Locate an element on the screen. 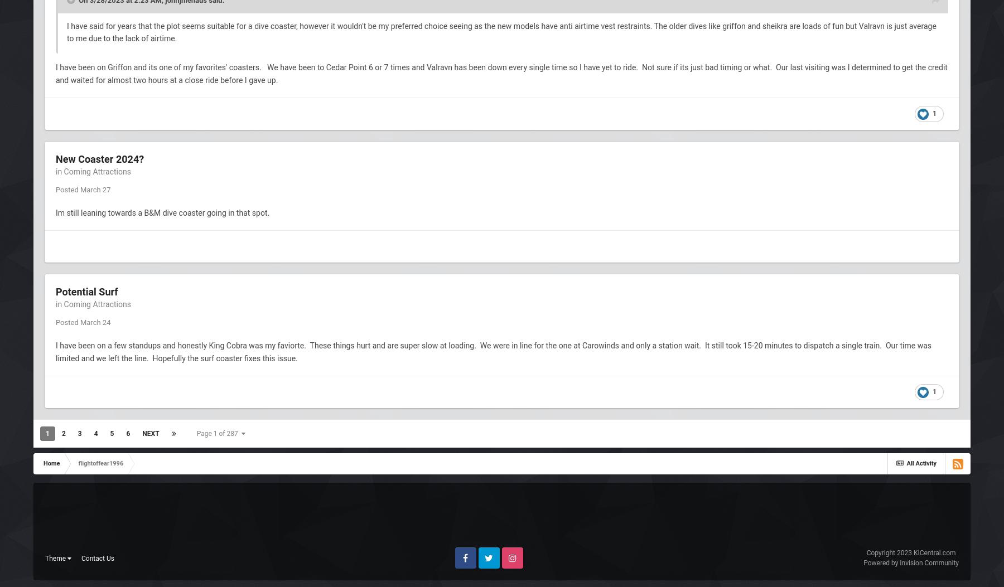 The width and height of the screenshot is (1004, 587). 'I have been on a few standups and honestly King Cobra was my faviorte.  These things hurt and are super slow at loading.  We were in line for the one at Carowinds and only a station wait.  It still took 15-20 minutes to dispatch a single train.  Our time was limited and we left the line.  Hopefully the surf coaster fixes this issue.' is located at coordinates (494, 351).